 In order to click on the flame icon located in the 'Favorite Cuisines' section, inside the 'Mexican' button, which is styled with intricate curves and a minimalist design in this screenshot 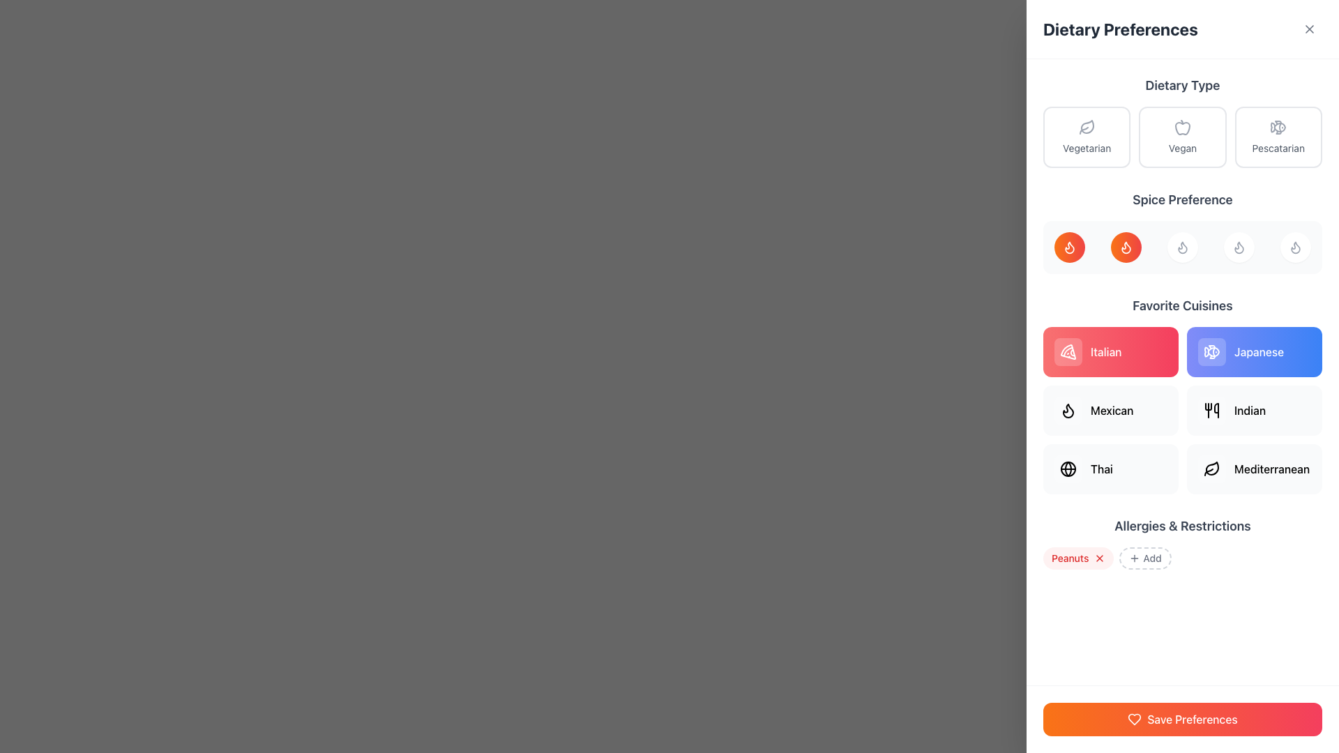, I will do `click(1067, 410)`.